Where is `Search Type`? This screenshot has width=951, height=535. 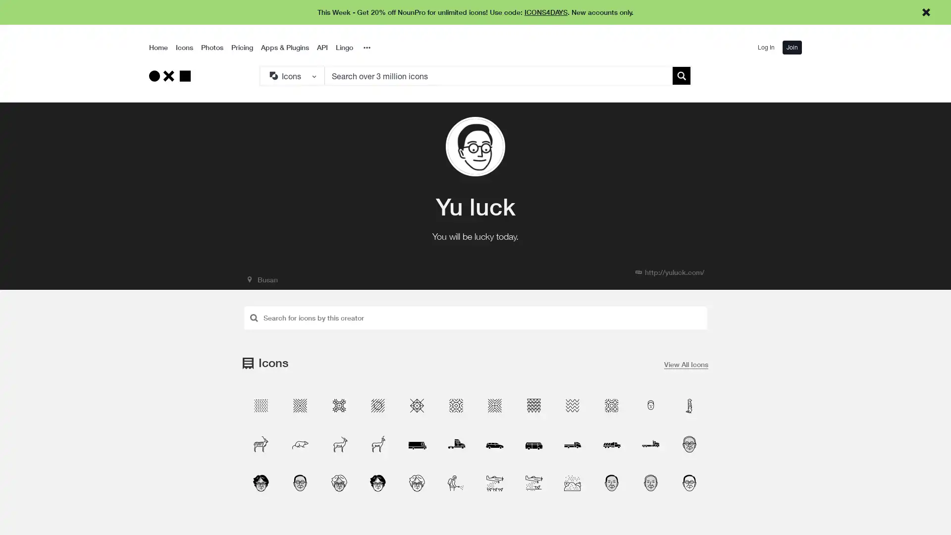
Search Type is located at coordinates (292, 75).